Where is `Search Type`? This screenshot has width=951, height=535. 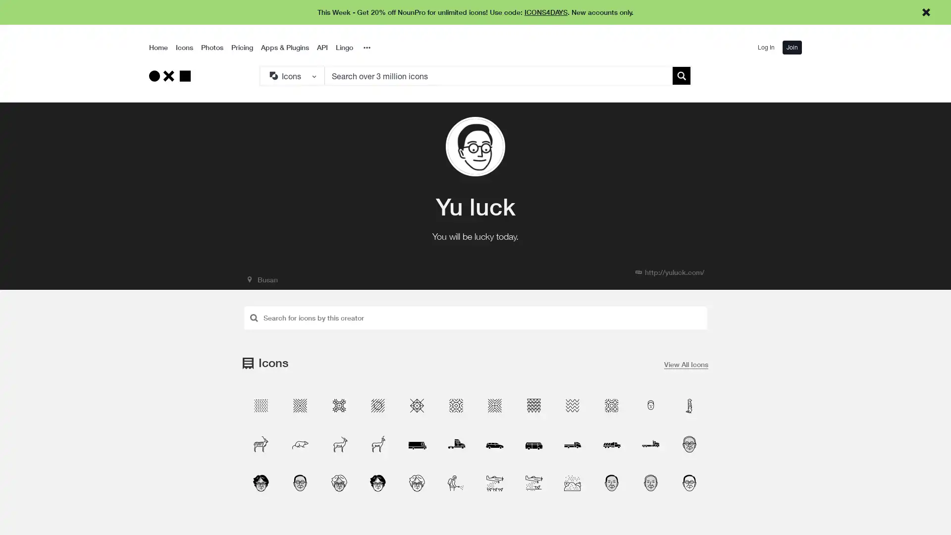
Search Type is located at coordinates (292, 75).